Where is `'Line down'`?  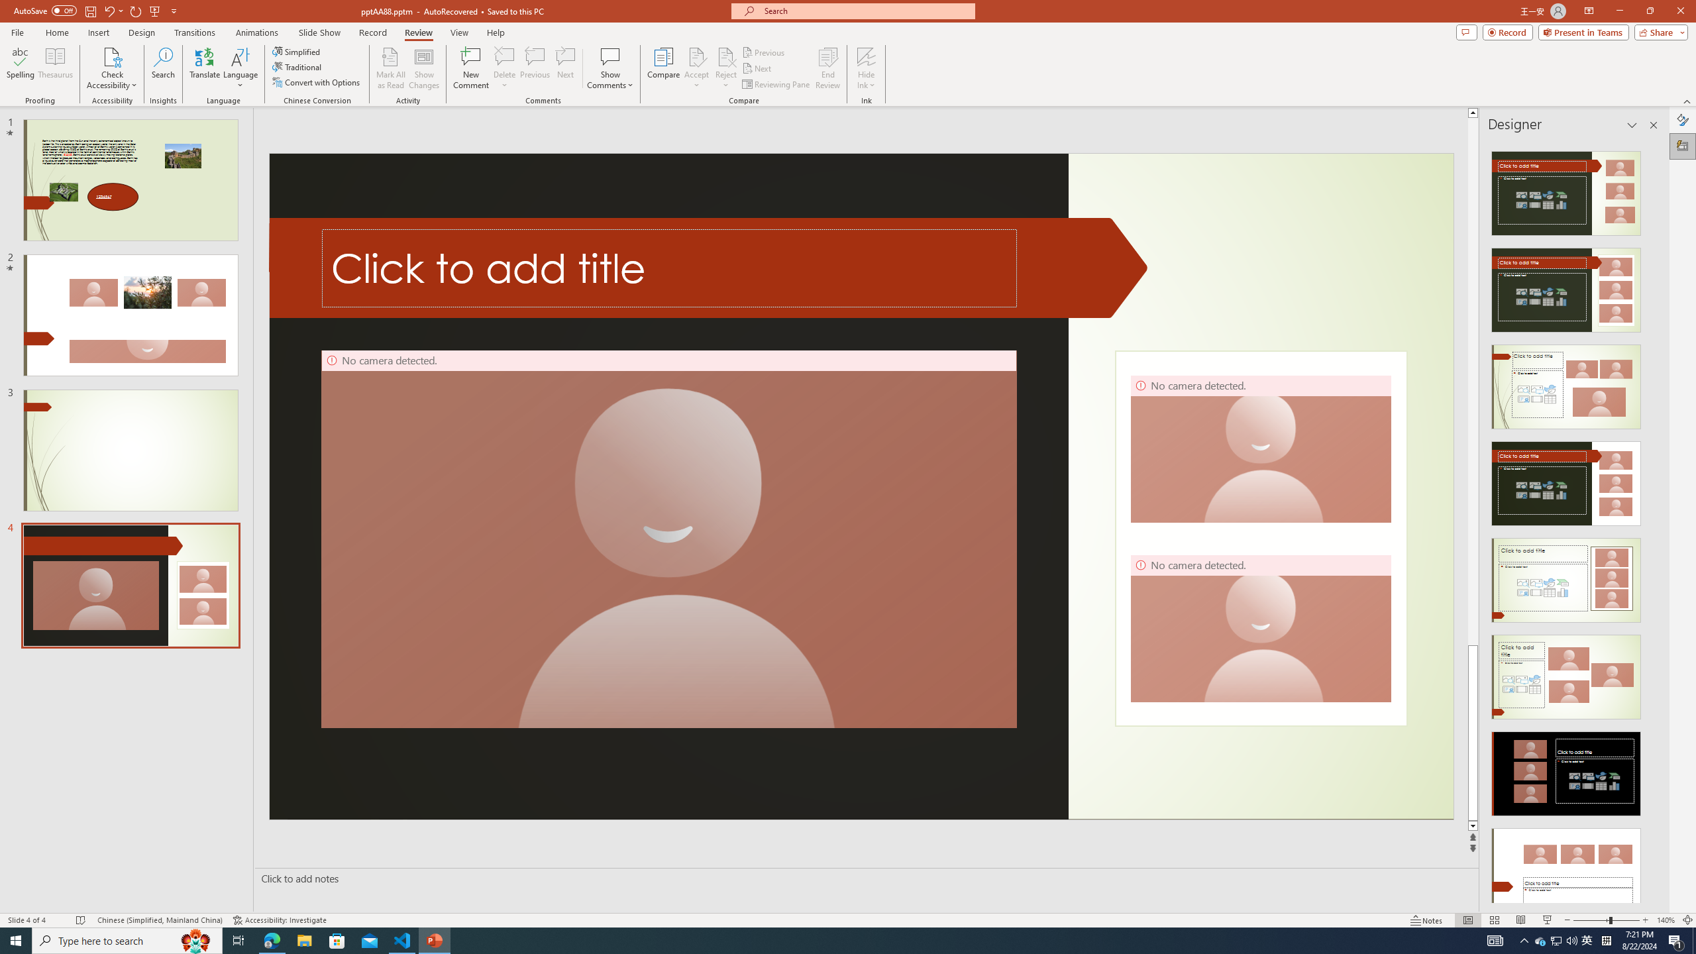 'Line down' is located at coordinates (1472, 825).